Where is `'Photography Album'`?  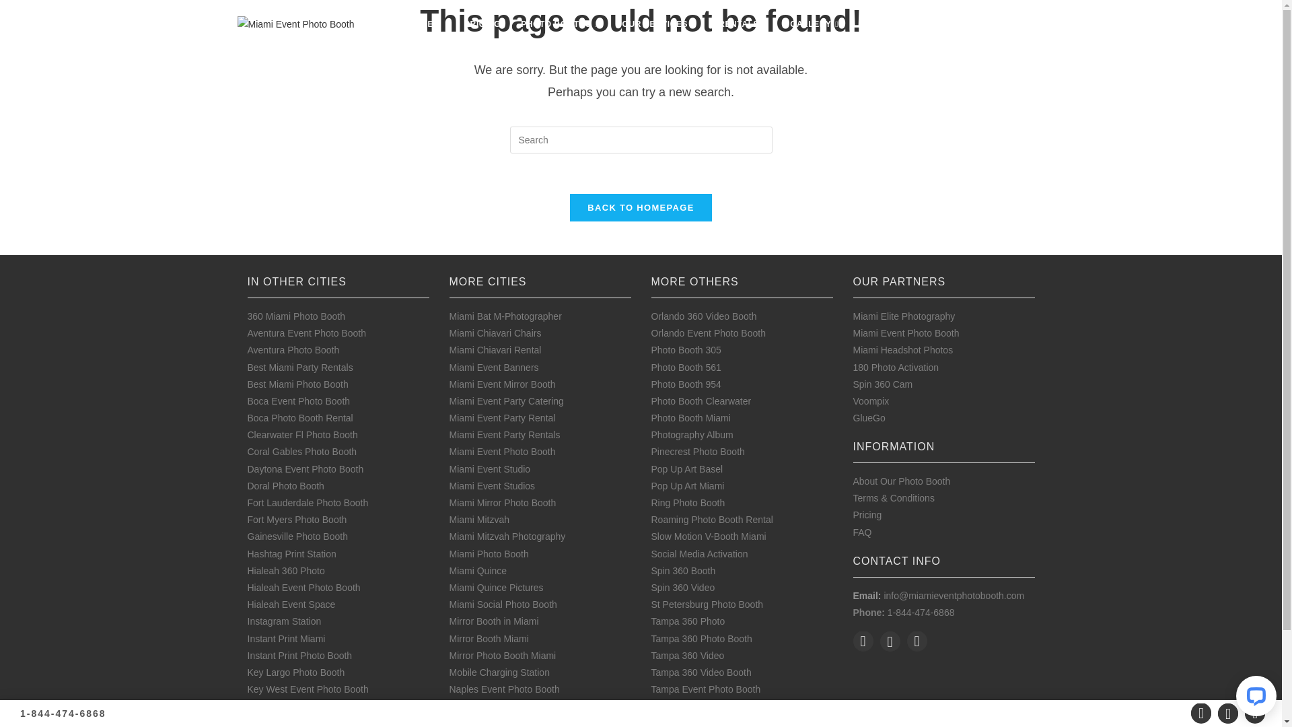
'Photography Album' is located at coordinates (651, 434).